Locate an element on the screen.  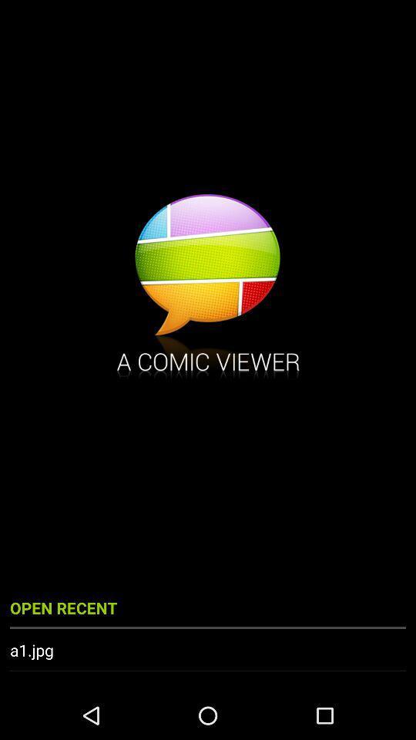
a1.jpg app is located at coordinates (208, 649).